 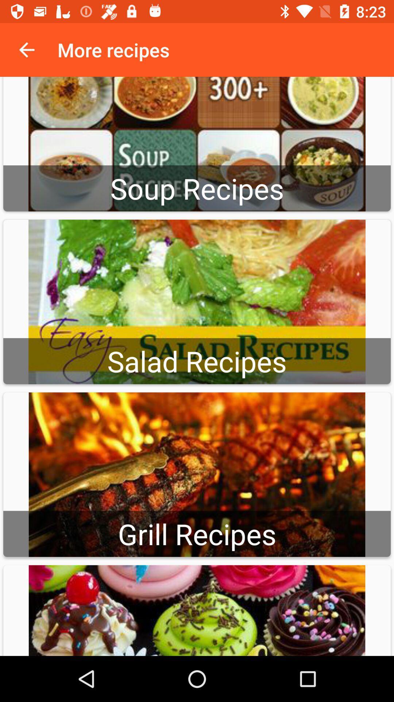 What do you see at coordinates (26, 49) in the screenshot?
I see `item to the left of the more recipes` at bounding box center [26, 49].